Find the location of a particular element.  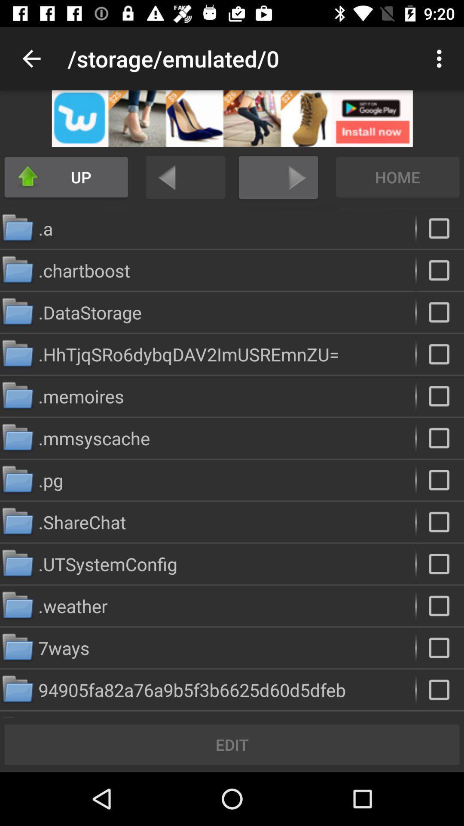

check mark a file is located at coordinates (440, 228).